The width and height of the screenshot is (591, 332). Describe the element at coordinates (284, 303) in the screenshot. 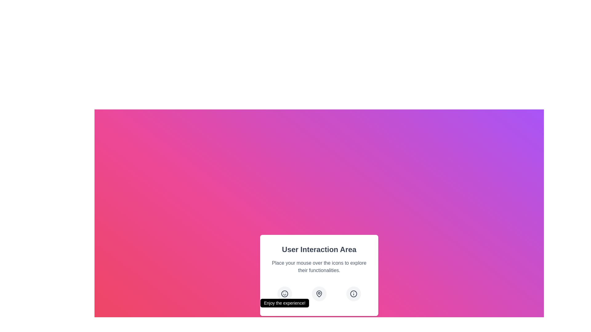

I see `the Tooltip box located directly below the smiling face icon in the User Interaction Area` at that location.